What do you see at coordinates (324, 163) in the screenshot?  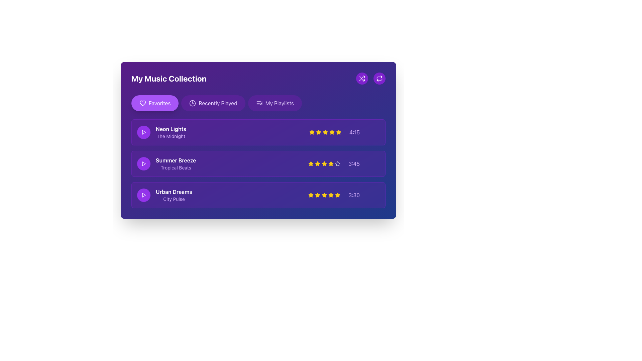 I see `the third star icon in the rating system for the song 'Summer Breeze' in the 'My Music Collection' section` at bounding box center [324, 163].